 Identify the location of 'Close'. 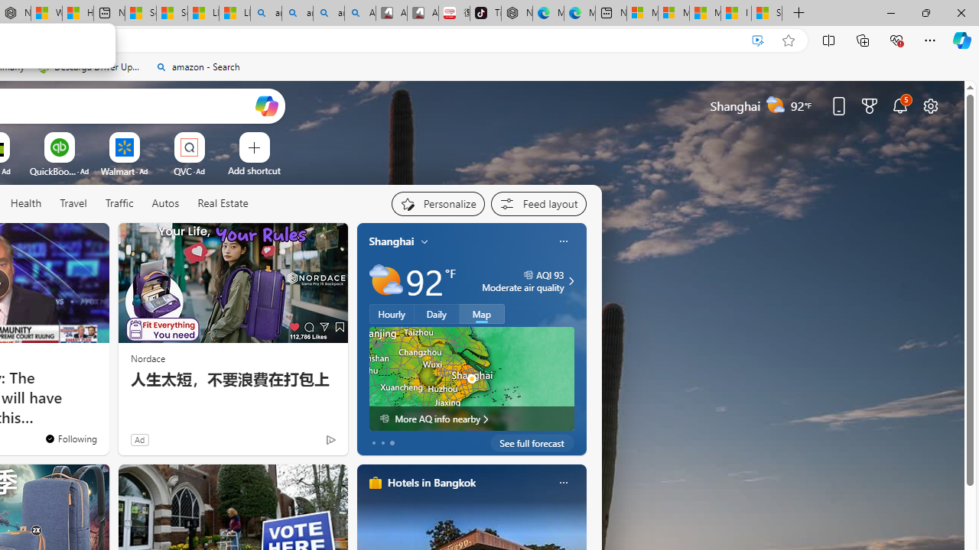
(960, 12).